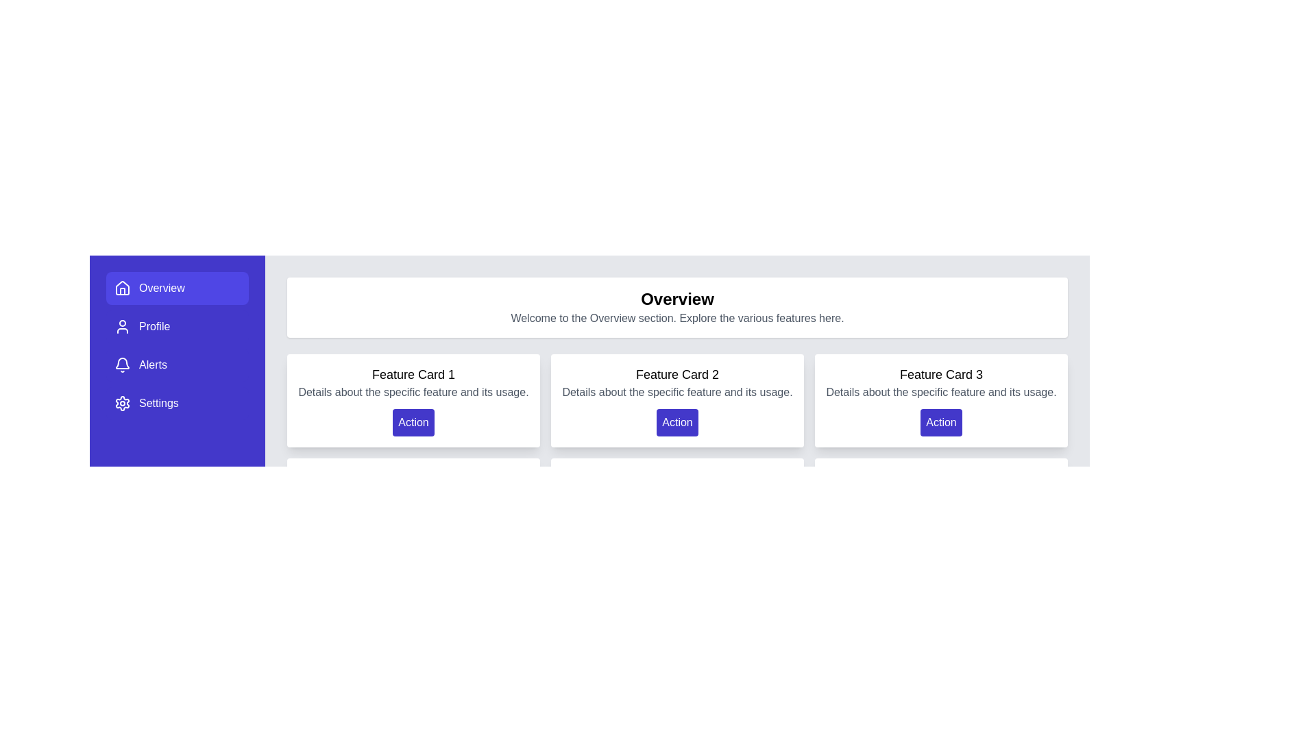 The height and width of the screenshot is (740, 1316). I want to click on the 'Overview' button located at the top of the left sidebar, so click(177, 287).